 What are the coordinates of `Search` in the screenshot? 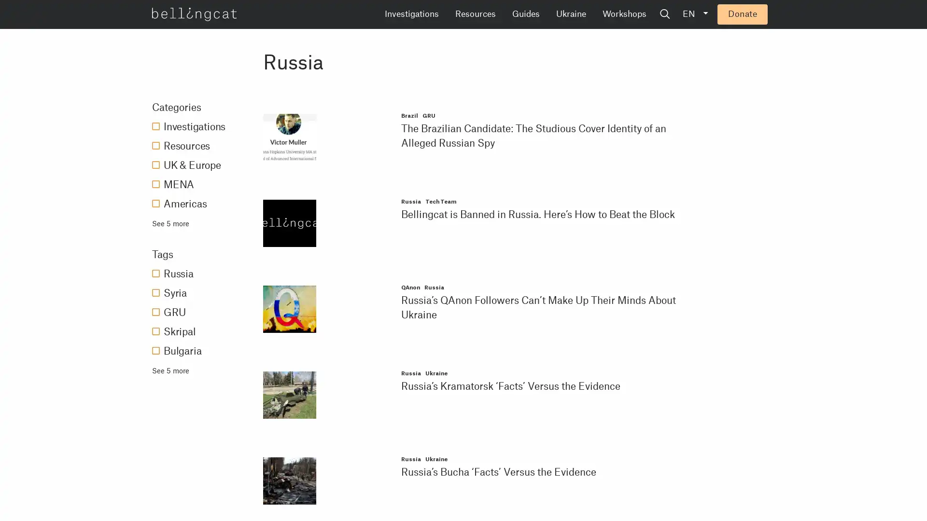 It's located at (738, 14).